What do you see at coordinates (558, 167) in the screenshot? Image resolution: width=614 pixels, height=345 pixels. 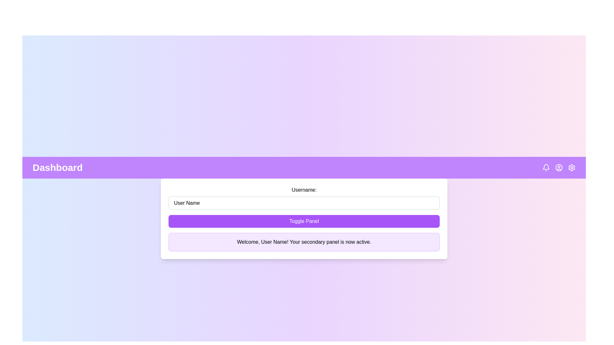 I see `the human profile icon button, which is white on a purple background, located in the top right corner of the interface within the 'Dashboard' header bar` at bounding box center [558, 167].